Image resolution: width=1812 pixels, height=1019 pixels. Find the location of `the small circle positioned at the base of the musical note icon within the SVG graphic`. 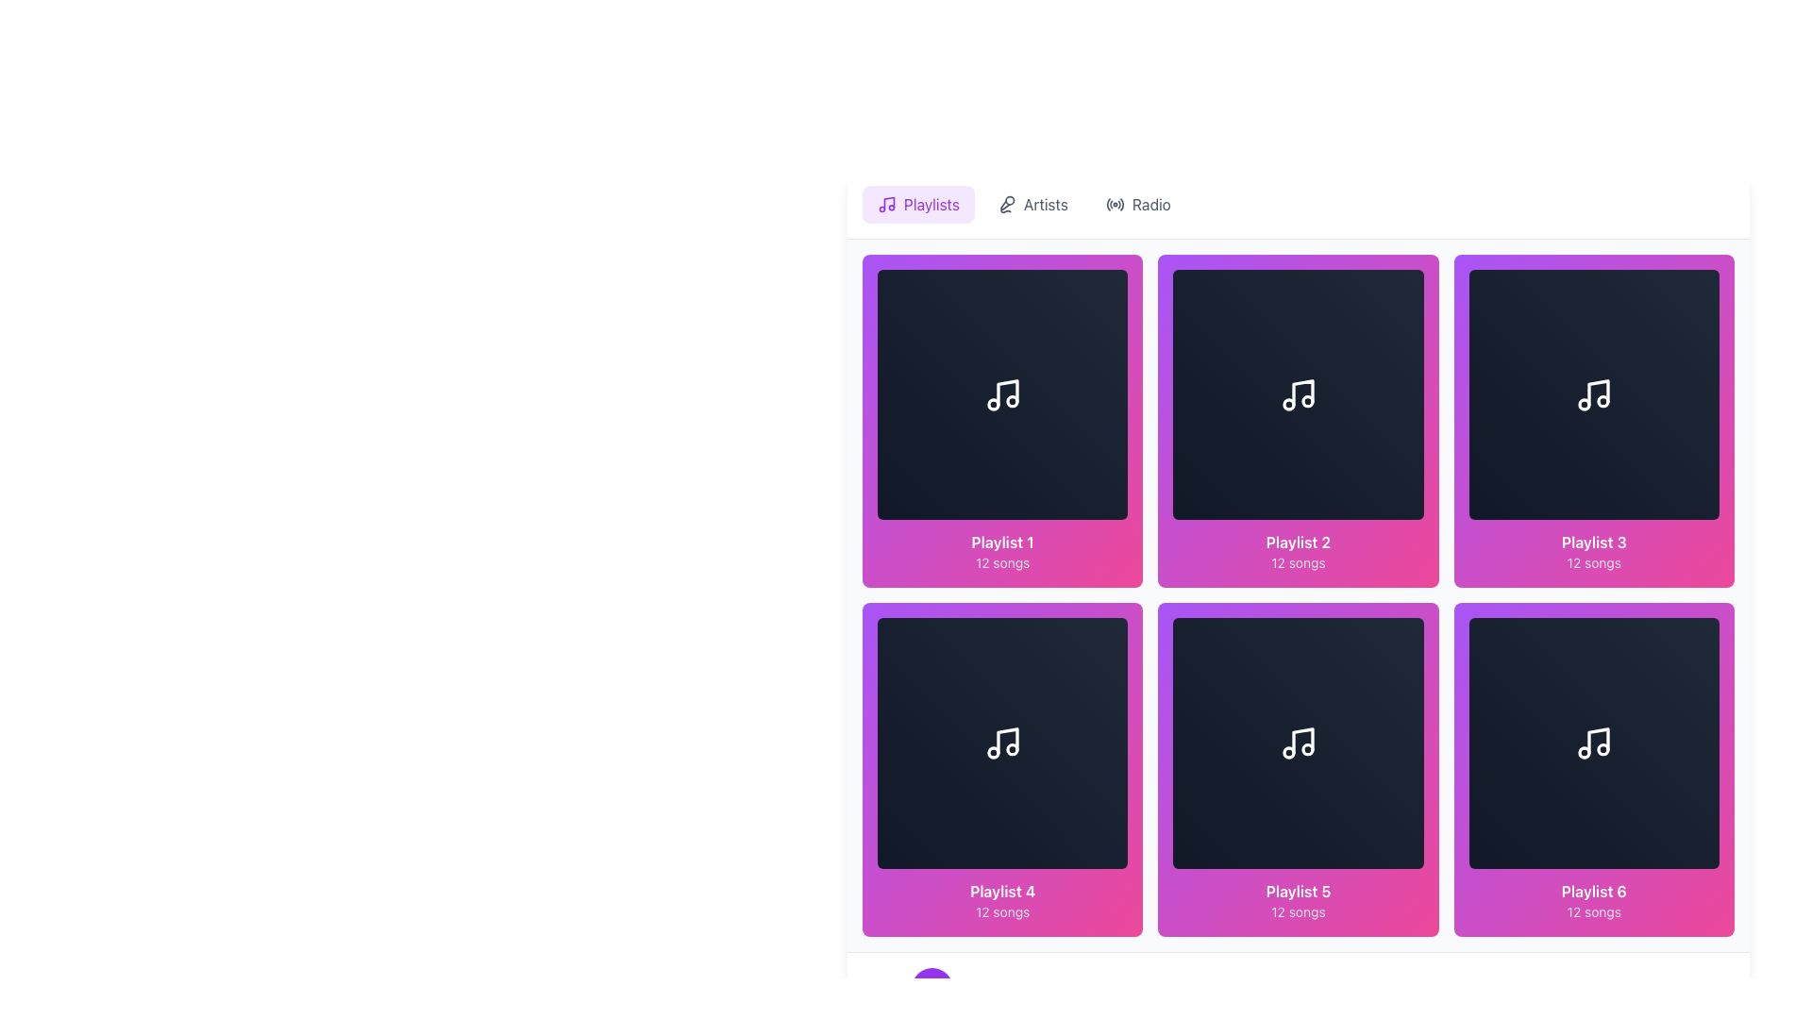

the small circle positioned at the base of the musical note icon within the SVG graphic is located at coordinates (1307, 400).